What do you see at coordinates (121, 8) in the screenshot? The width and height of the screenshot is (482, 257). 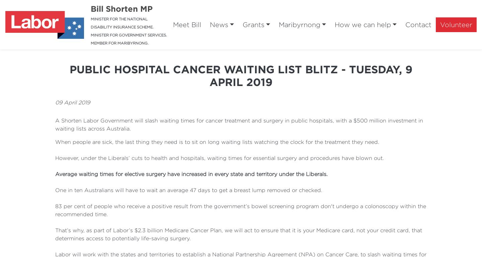 I see `'Bill Shorten MP'` at bounding box center [121, 8].